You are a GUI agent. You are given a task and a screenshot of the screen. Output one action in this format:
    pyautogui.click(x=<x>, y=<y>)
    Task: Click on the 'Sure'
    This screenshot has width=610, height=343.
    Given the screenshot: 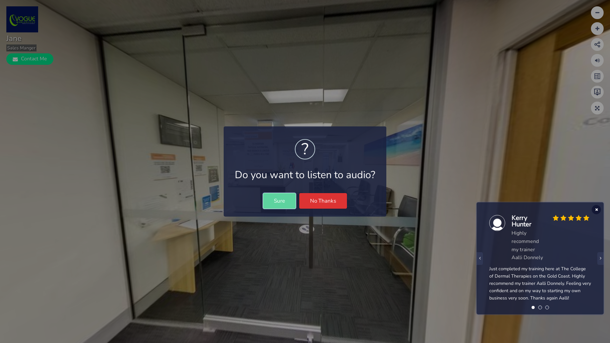 What is the action you would take?
    pyautogui.click(x=279, y=201)
    